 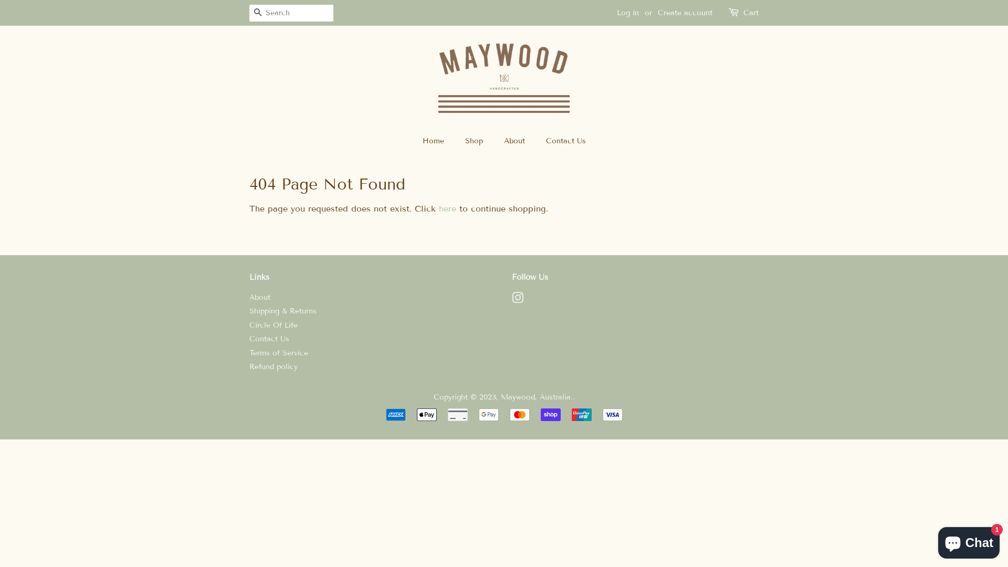 What do you see at coordinates (269, 339) in the screenshot?
I see `'Contact Us'` at bounding box center [269, 339].